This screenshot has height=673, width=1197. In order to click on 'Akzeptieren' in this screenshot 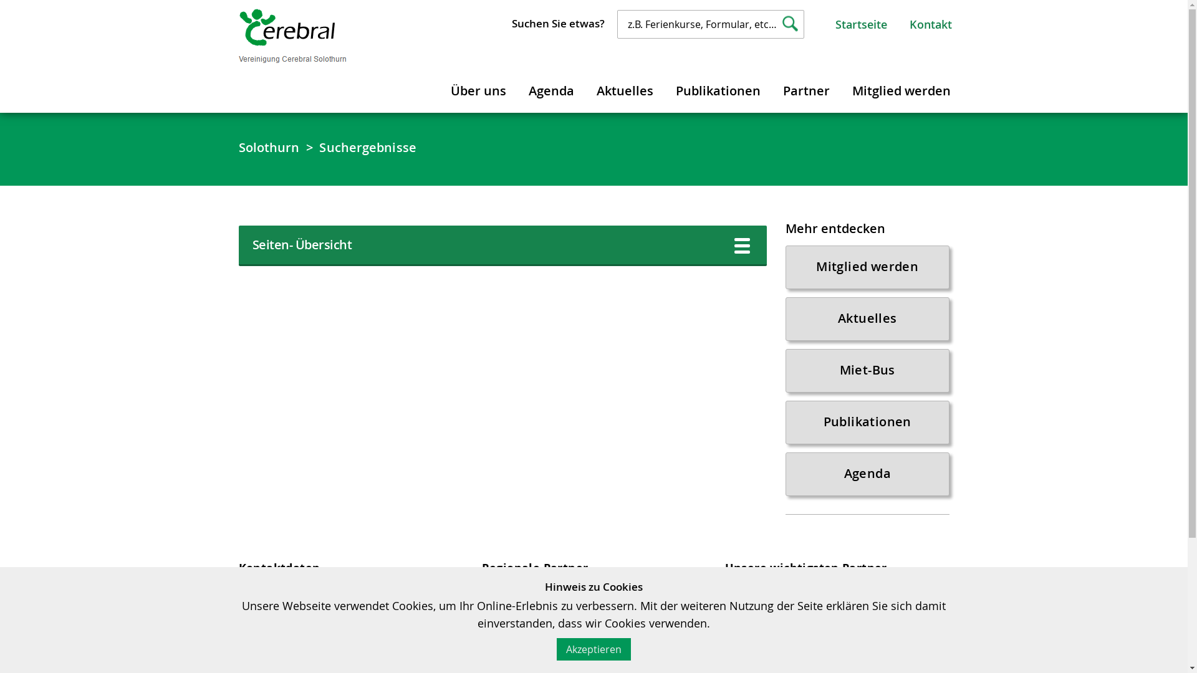, I will do `click(593, 648)`.